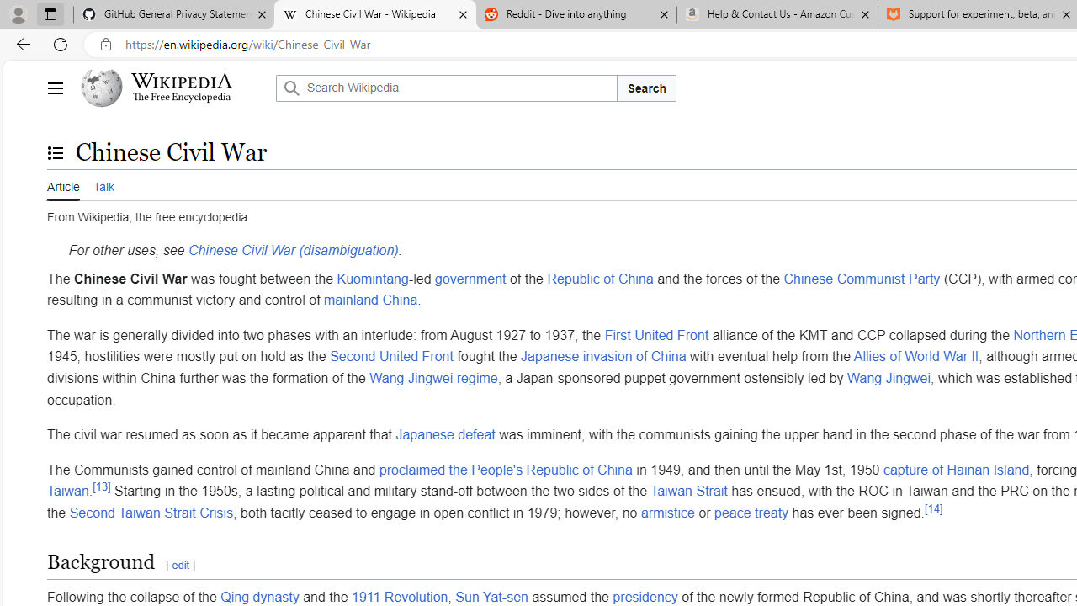  Describe the element at coordinates (447, 88) in the screenshot. I see `'Search Wikipedia'` at that location.